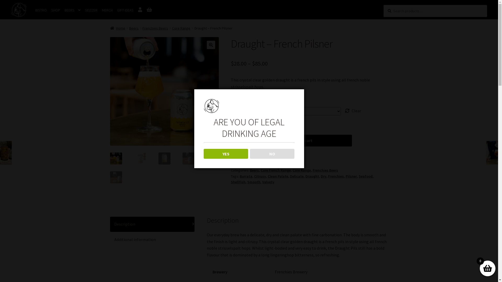 The height and width of the screenshot is (282, 502). I want to click on 'Seafood', so click(365, 176).